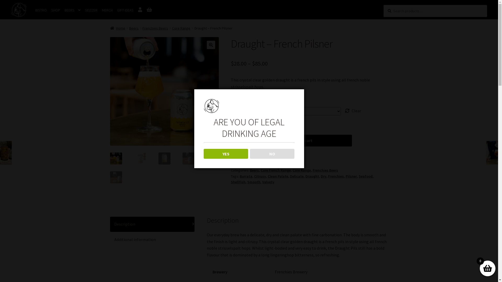 The height and width of the screenshot is (282, 502). I want to click on 'Seafood', so click(365, 176).